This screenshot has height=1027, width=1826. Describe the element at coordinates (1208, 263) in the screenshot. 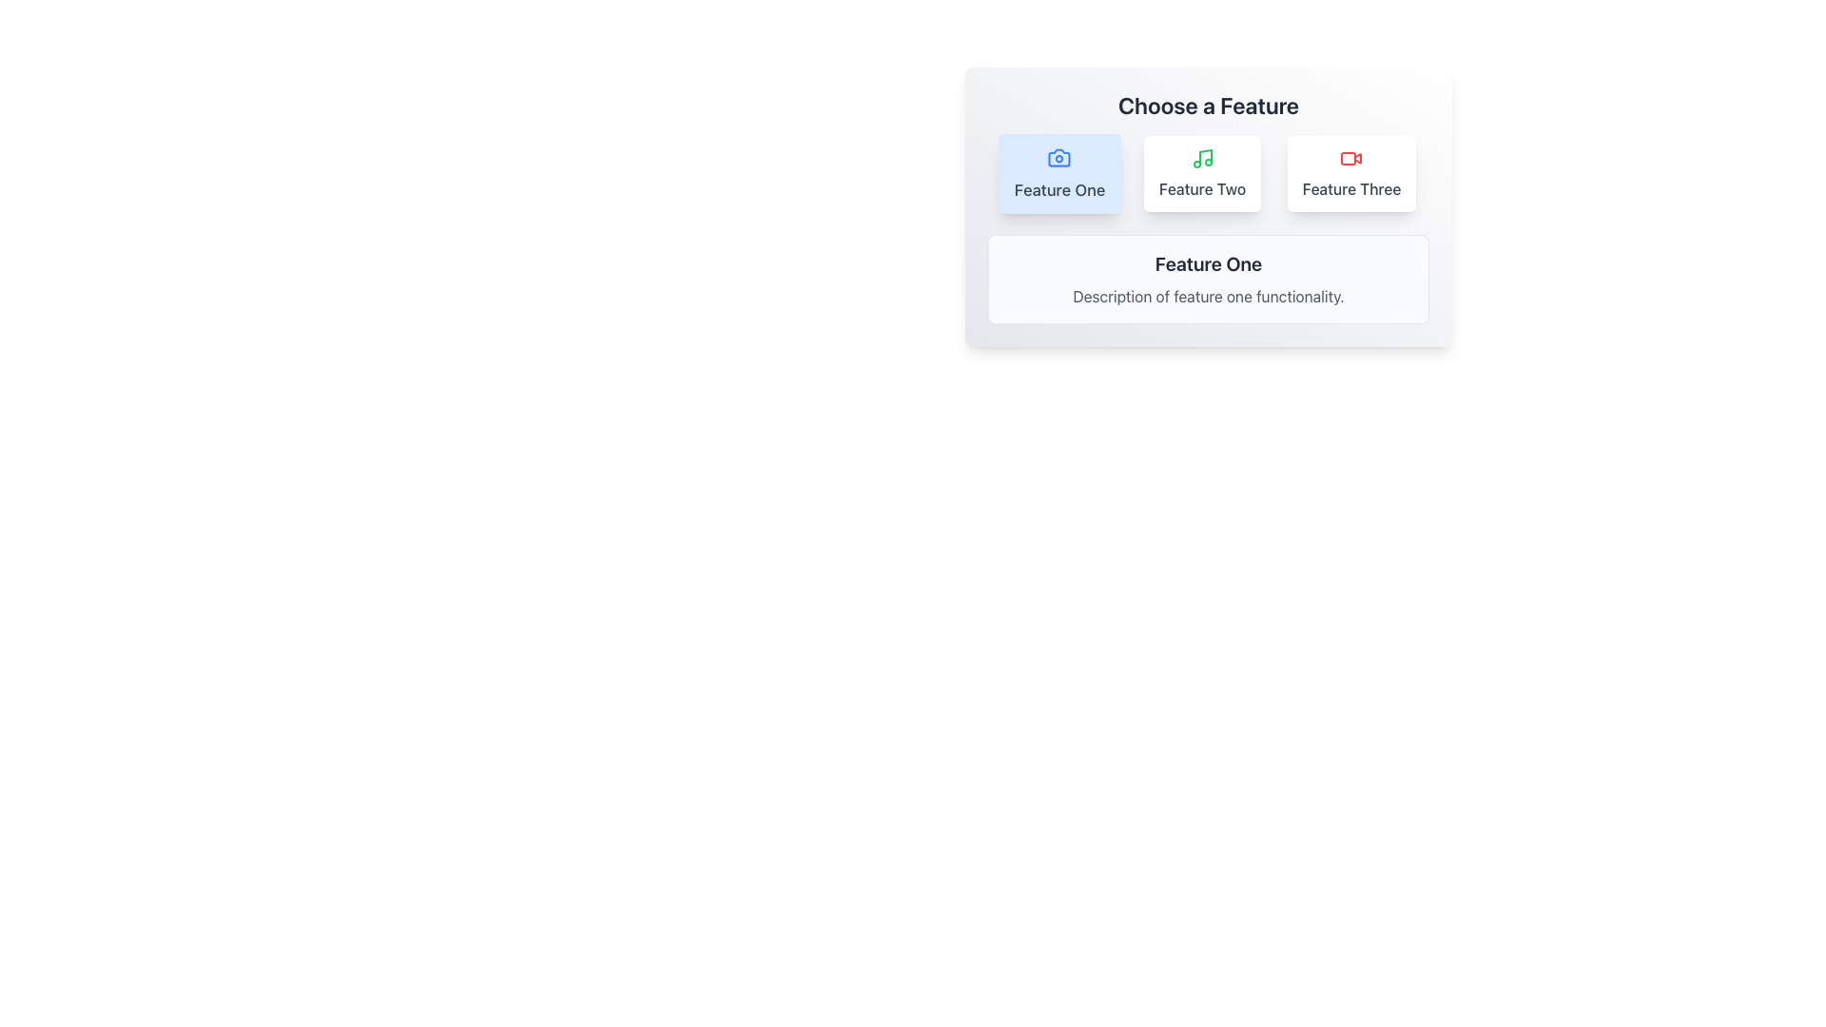

I see `the text label displaying 'Feature One', which is styled in bold, larger font and dark gray color, located at the top of a bordered area containing descriptive content` at that location.